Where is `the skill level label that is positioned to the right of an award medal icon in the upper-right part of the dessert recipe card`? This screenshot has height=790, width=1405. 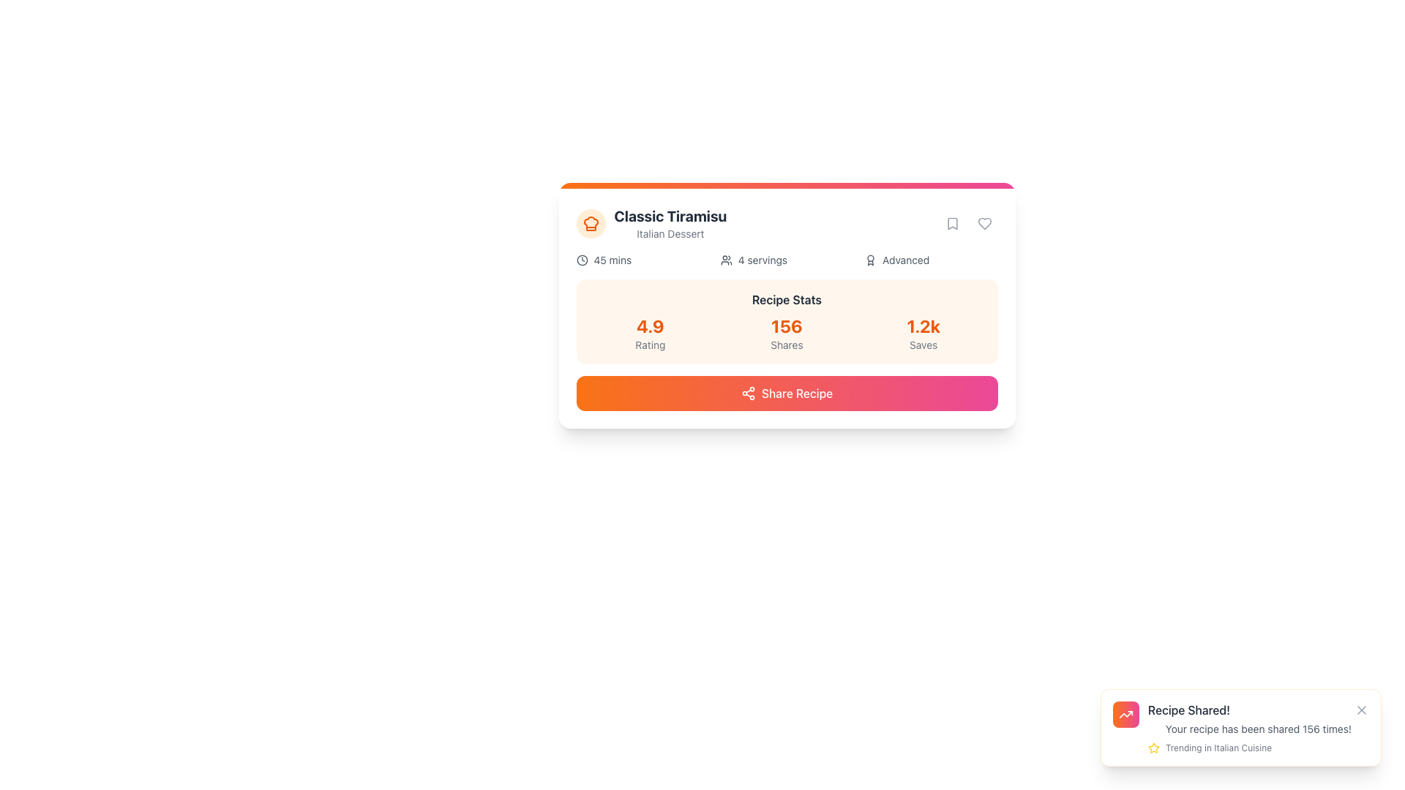 the skill level label that is positioned to the right of an award medal icon in the upper-right part of the dessert recipe card is located at coordinates (905, 259).